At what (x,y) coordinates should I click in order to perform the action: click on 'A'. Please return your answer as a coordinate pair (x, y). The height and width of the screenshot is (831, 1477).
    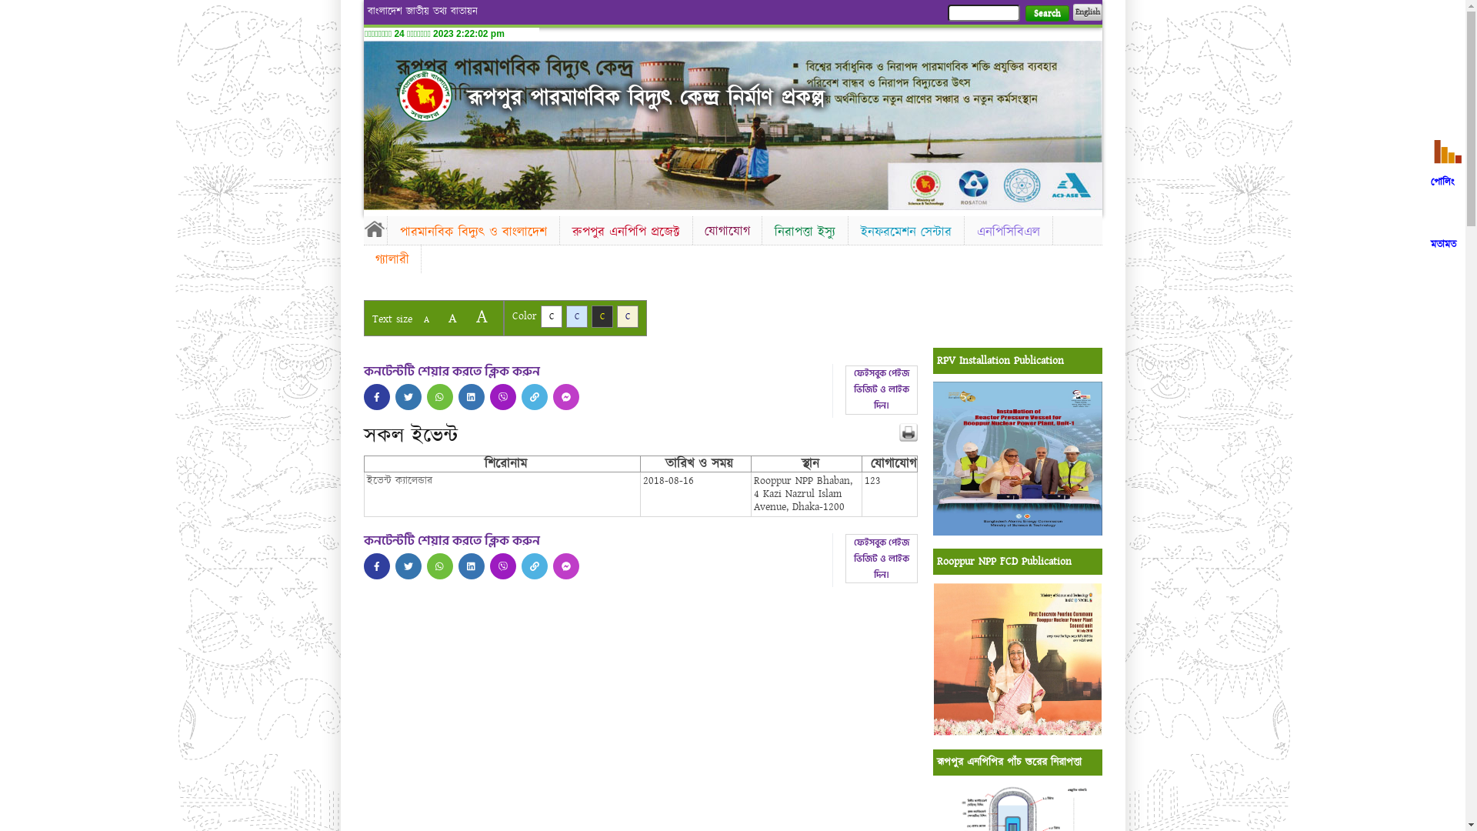
    Looking at the image, I should click on (425, 319).